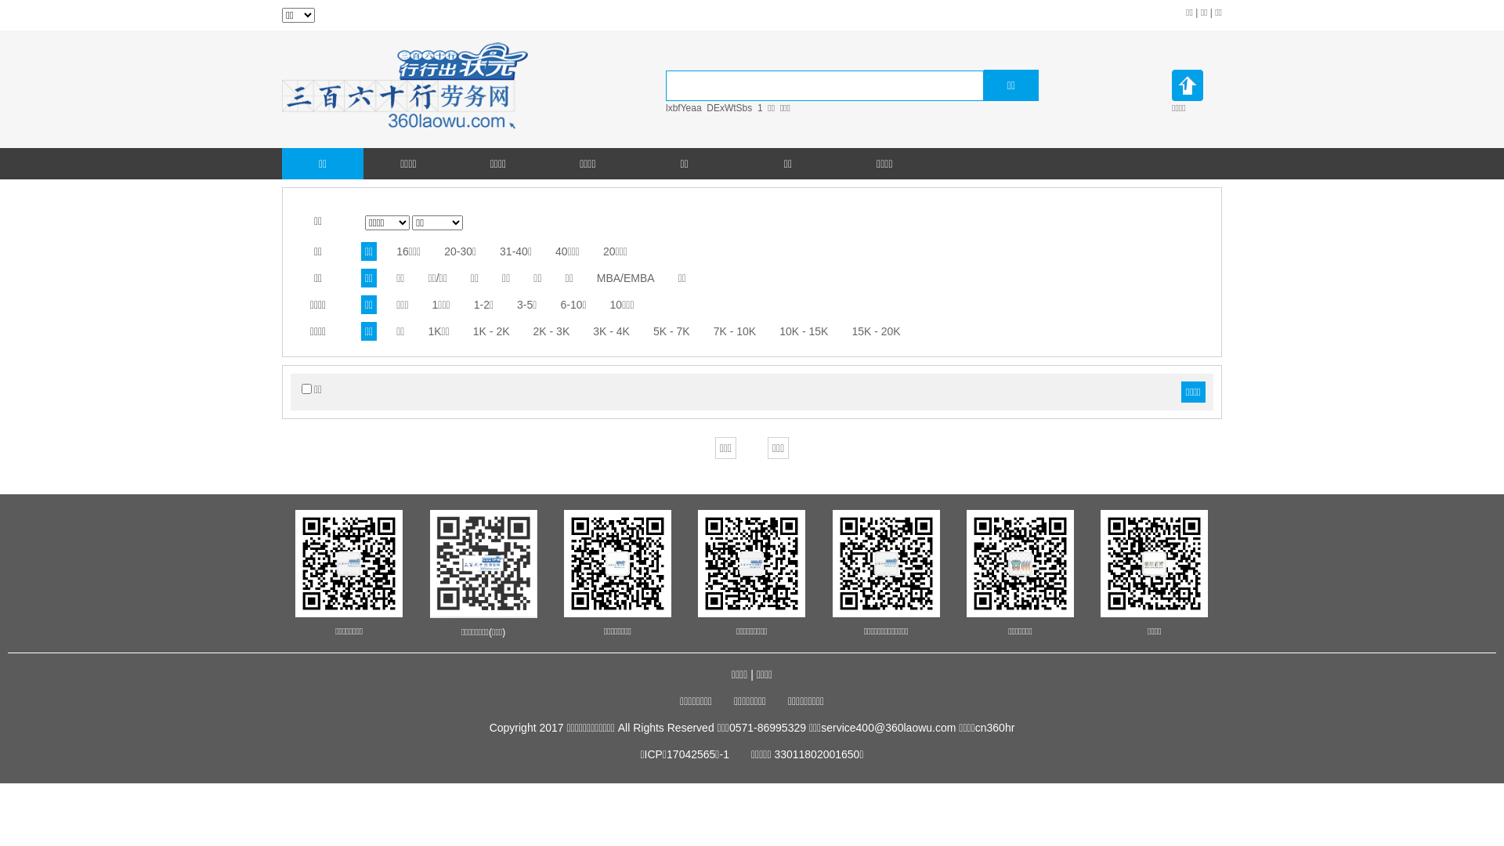 Image resolution: width=1504 pixels, height=846 pixels. What do you see at coordinates (671, 331) in the screenshot?
I see `'5K - 7K'` at bounding box center [671, 331].